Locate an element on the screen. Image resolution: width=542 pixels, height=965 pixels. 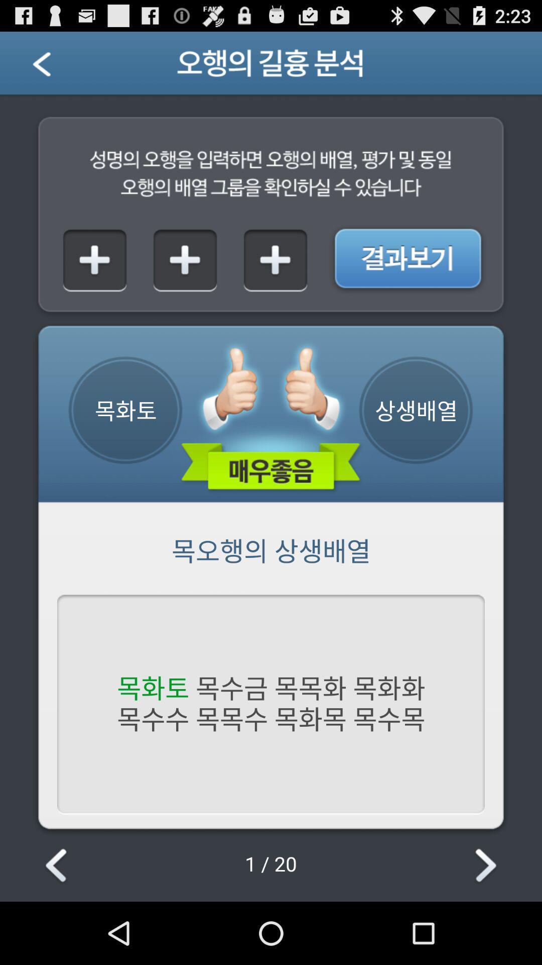
previous is located at coordinates (54, 66).